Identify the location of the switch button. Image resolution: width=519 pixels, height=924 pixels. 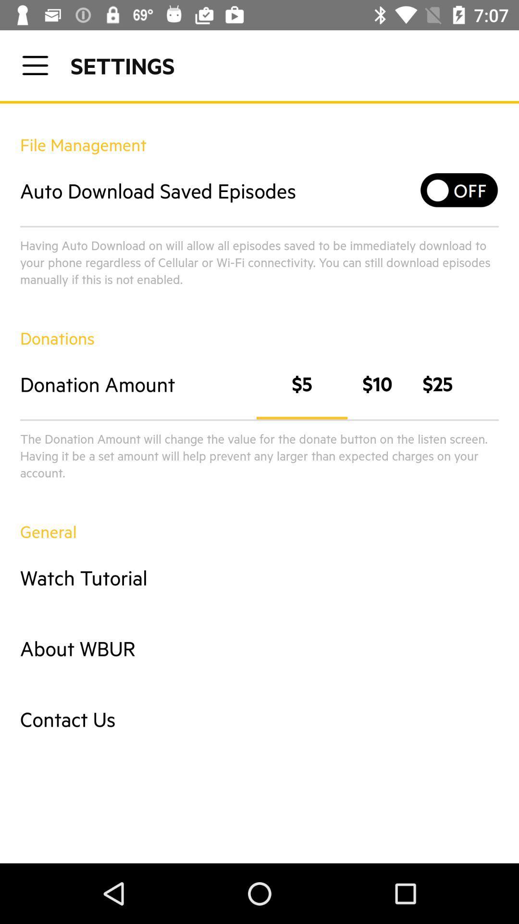
(459, 190).